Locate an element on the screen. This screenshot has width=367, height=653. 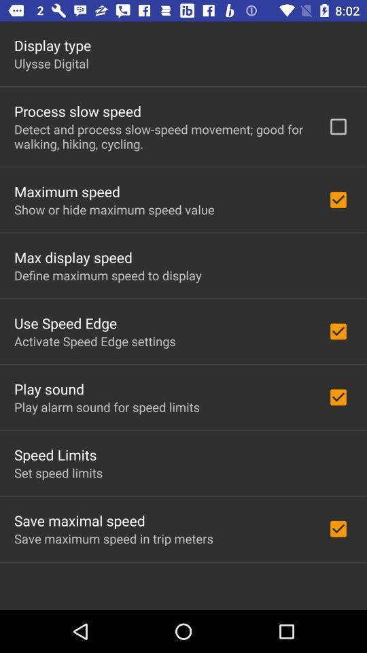
ulysse digital is located at coordinates (50, 63).